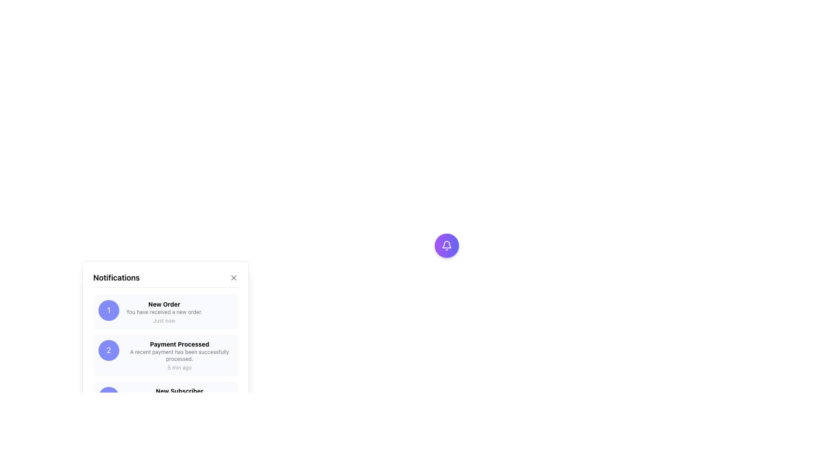 The height and width of the screenshot is (469, 833). What do you see at coordinates (179, 355) in the screenshot?
I see `the text element that displays 'A recent payment has been successfully processed.' located beneath the title 'Payment Processed' in the notification panel` at bounding box center [179, 355].